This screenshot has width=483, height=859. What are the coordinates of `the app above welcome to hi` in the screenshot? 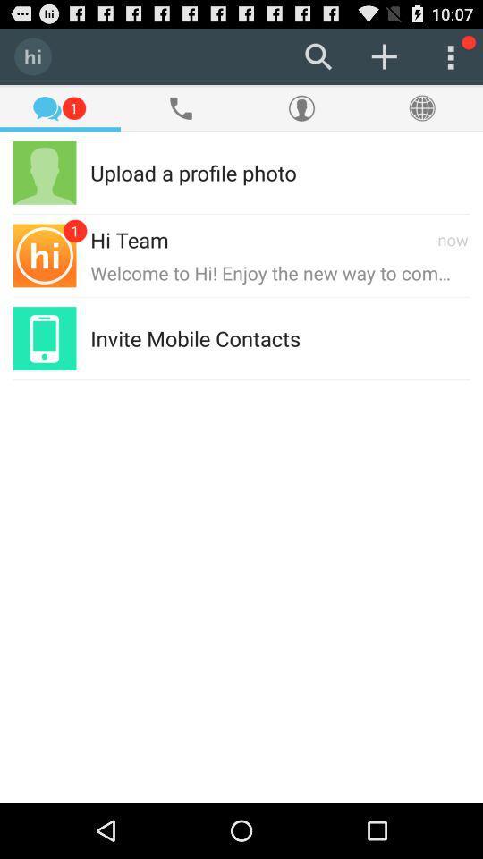 It's located at (452, 238).